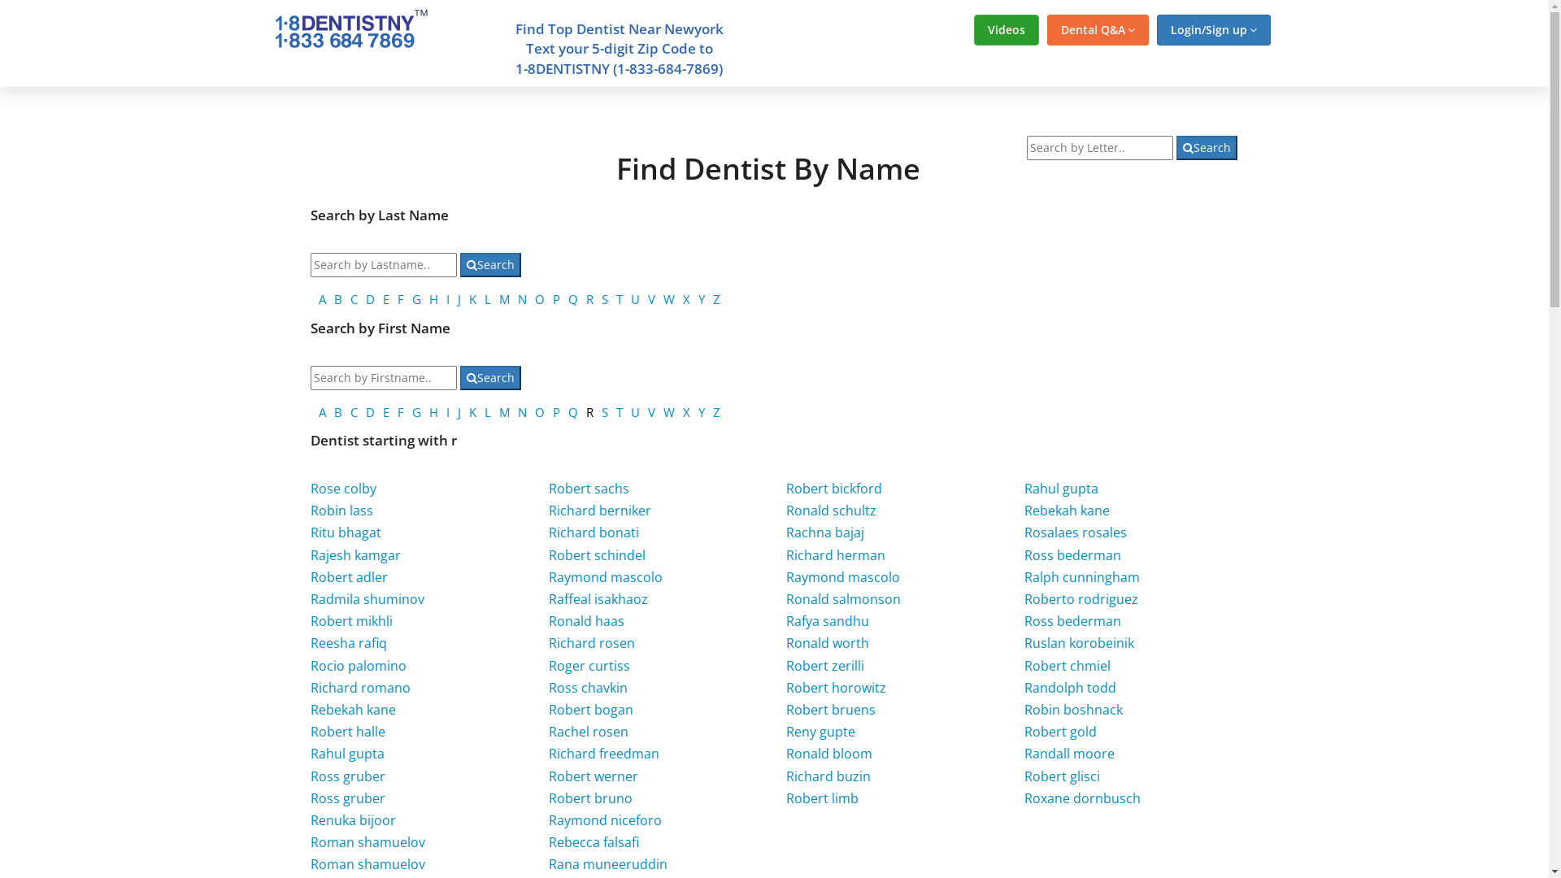 This screenshot has width=1561, height=878. I want to click on 'Randall moore', so click(1069, 753).